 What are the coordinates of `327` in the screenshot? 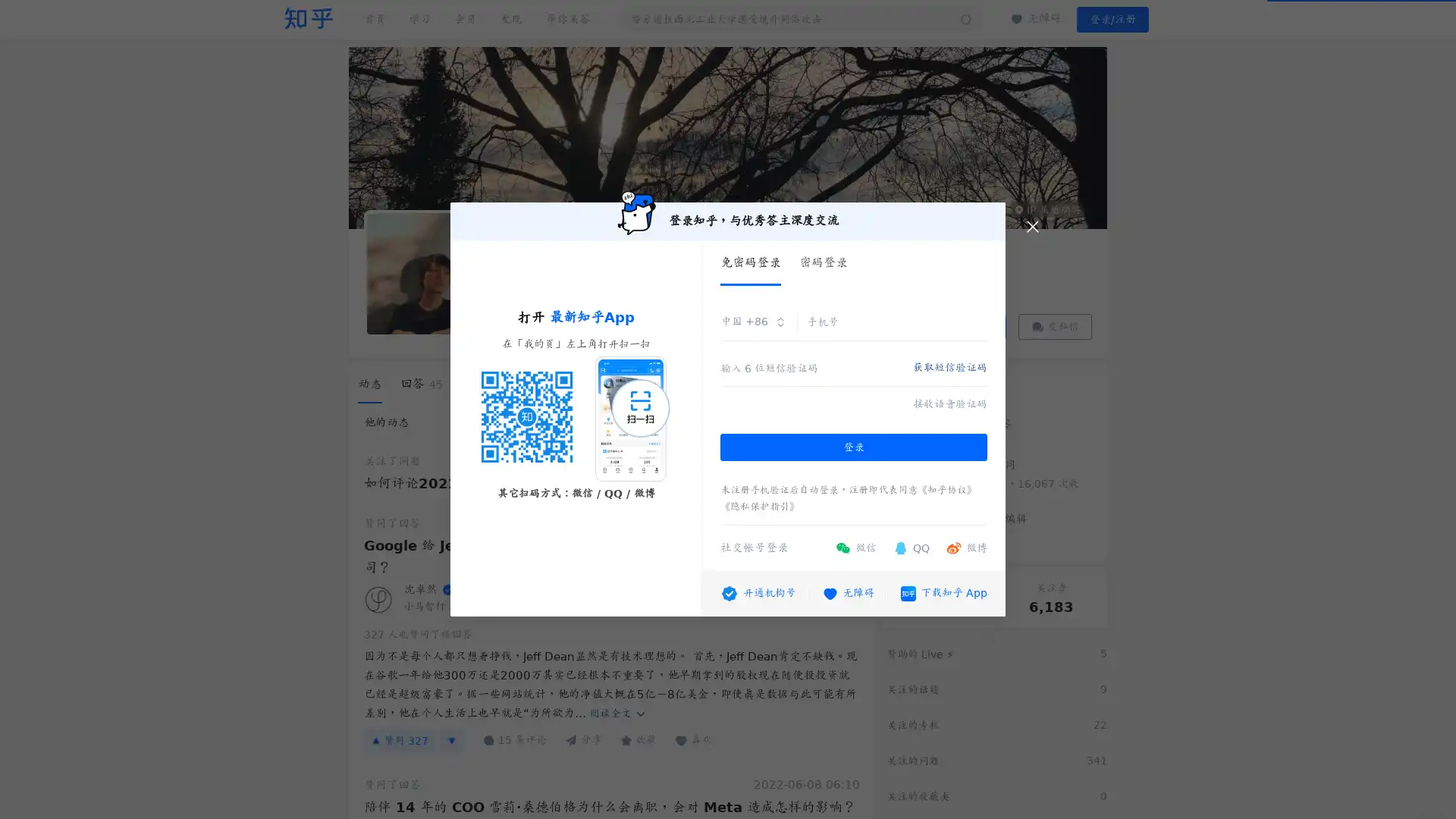 It's located at (400, 739).